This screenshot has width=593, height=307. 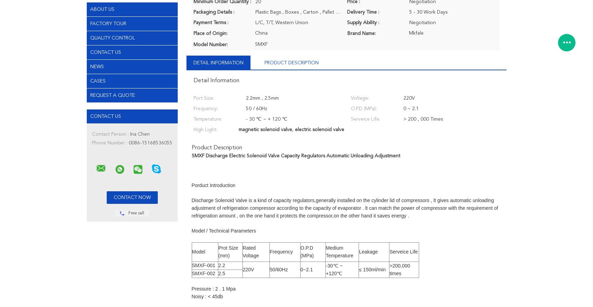 I want to click on 'Delivery Time                                        :', so click(x=363, y=11).